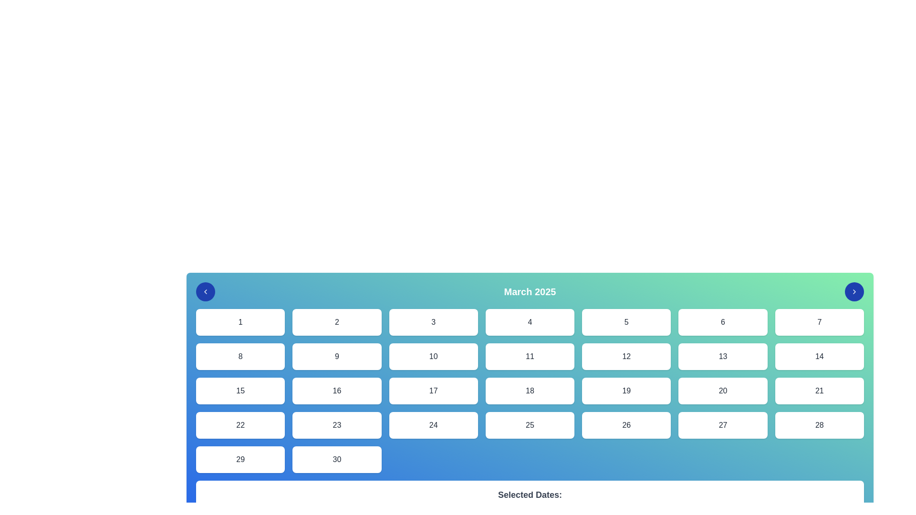 The image size is (916, 515). I want to click on Text element that displays the message indicating no dates have been selected, located beneath 'Selected Dates:' in a section with a white background and rounded corners, so click(529, 507).